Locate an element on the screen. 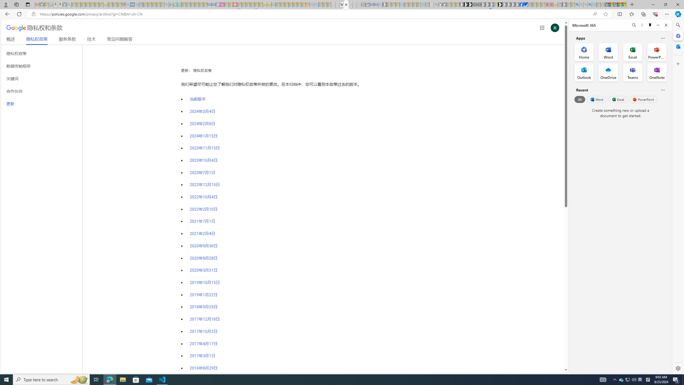 This screenshot has height=385, width=684. 'Trusted Community Engagement and Contributions | Guidelines' is located at coordinates (239, 4).